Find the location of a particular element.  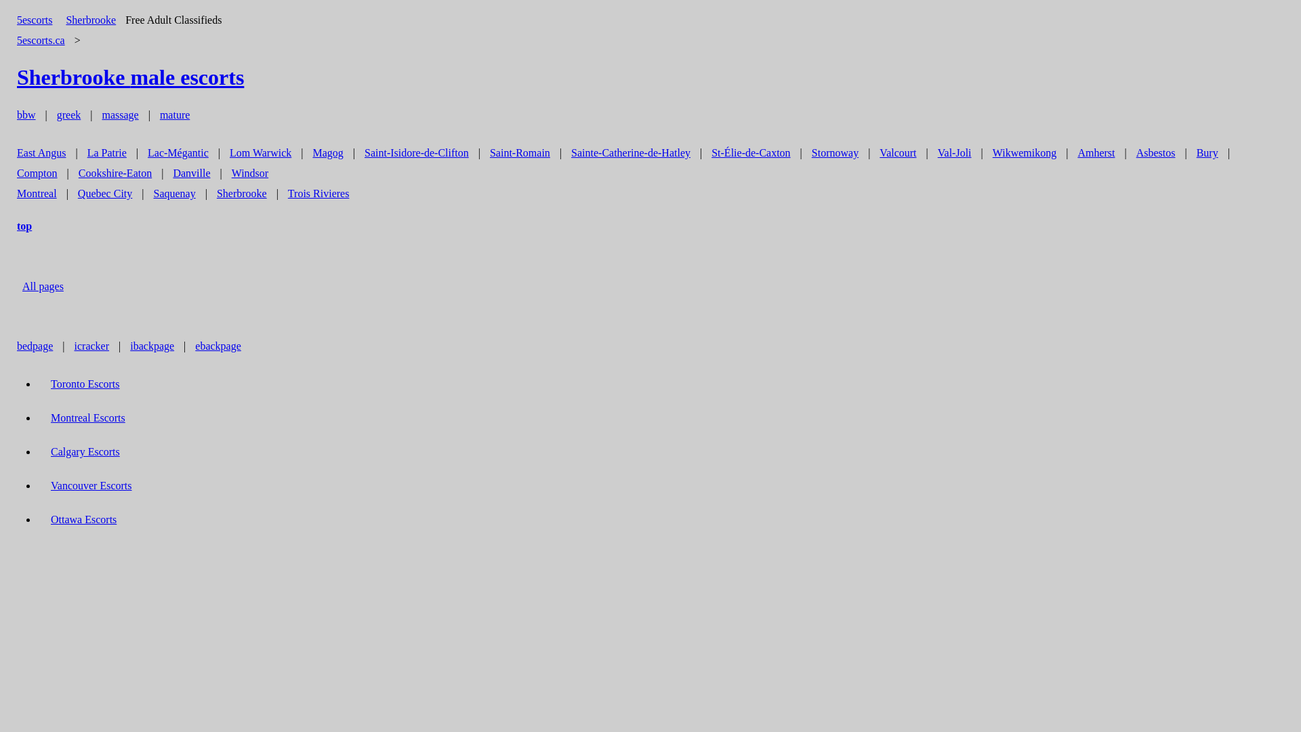

'ebackpage' is located at coordinates (218, 345).